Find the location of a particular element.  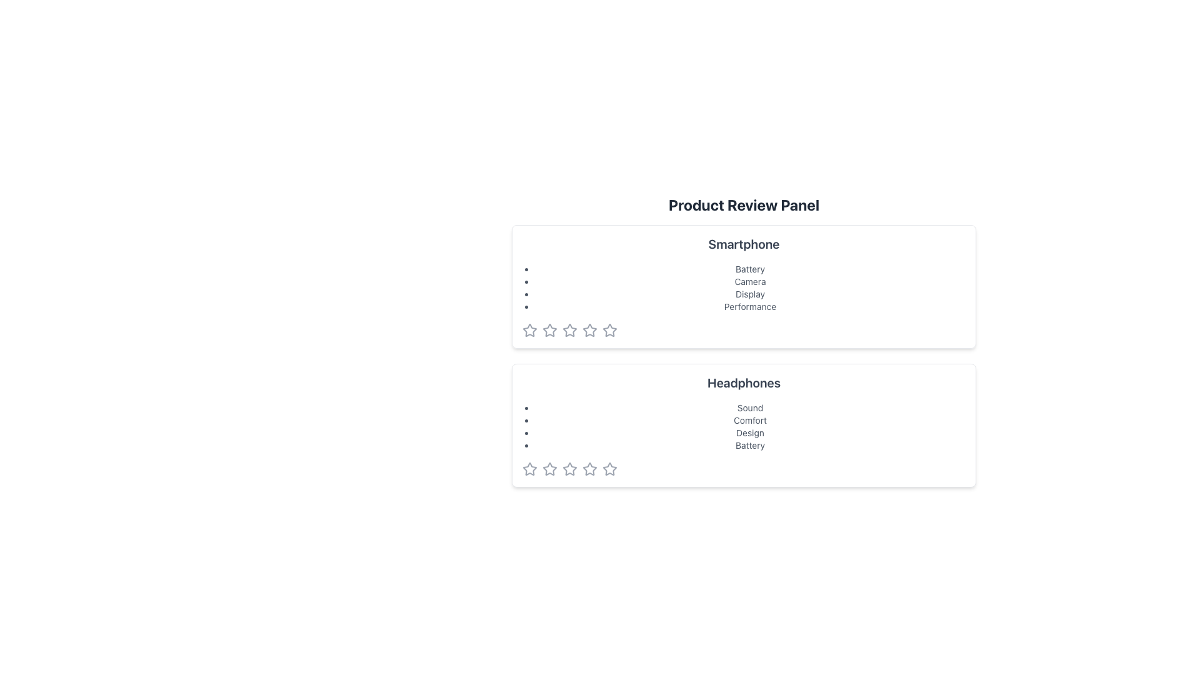

the first star icon for rating in the 'Smartphone' category is located at coordinates (530, 329).